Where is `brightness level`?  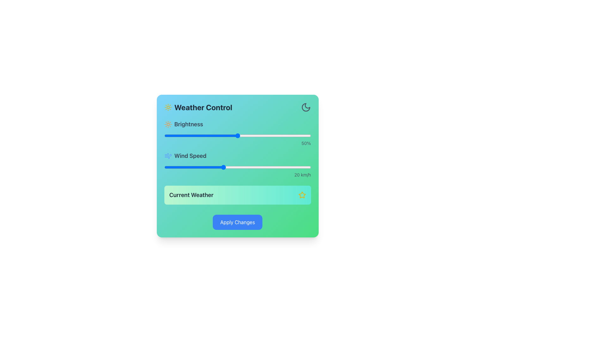 brightness level is located at coordinates (274, 135).